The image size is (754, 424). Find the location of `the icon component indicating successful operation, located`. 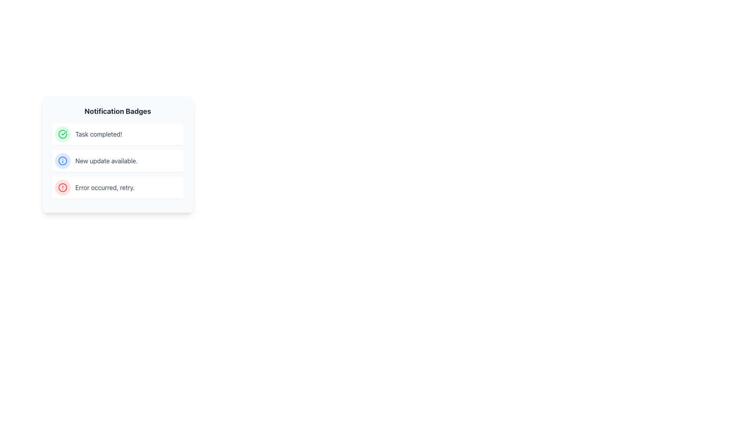

the icon component indicating successful operation, located is located at coordinates (62, 134).